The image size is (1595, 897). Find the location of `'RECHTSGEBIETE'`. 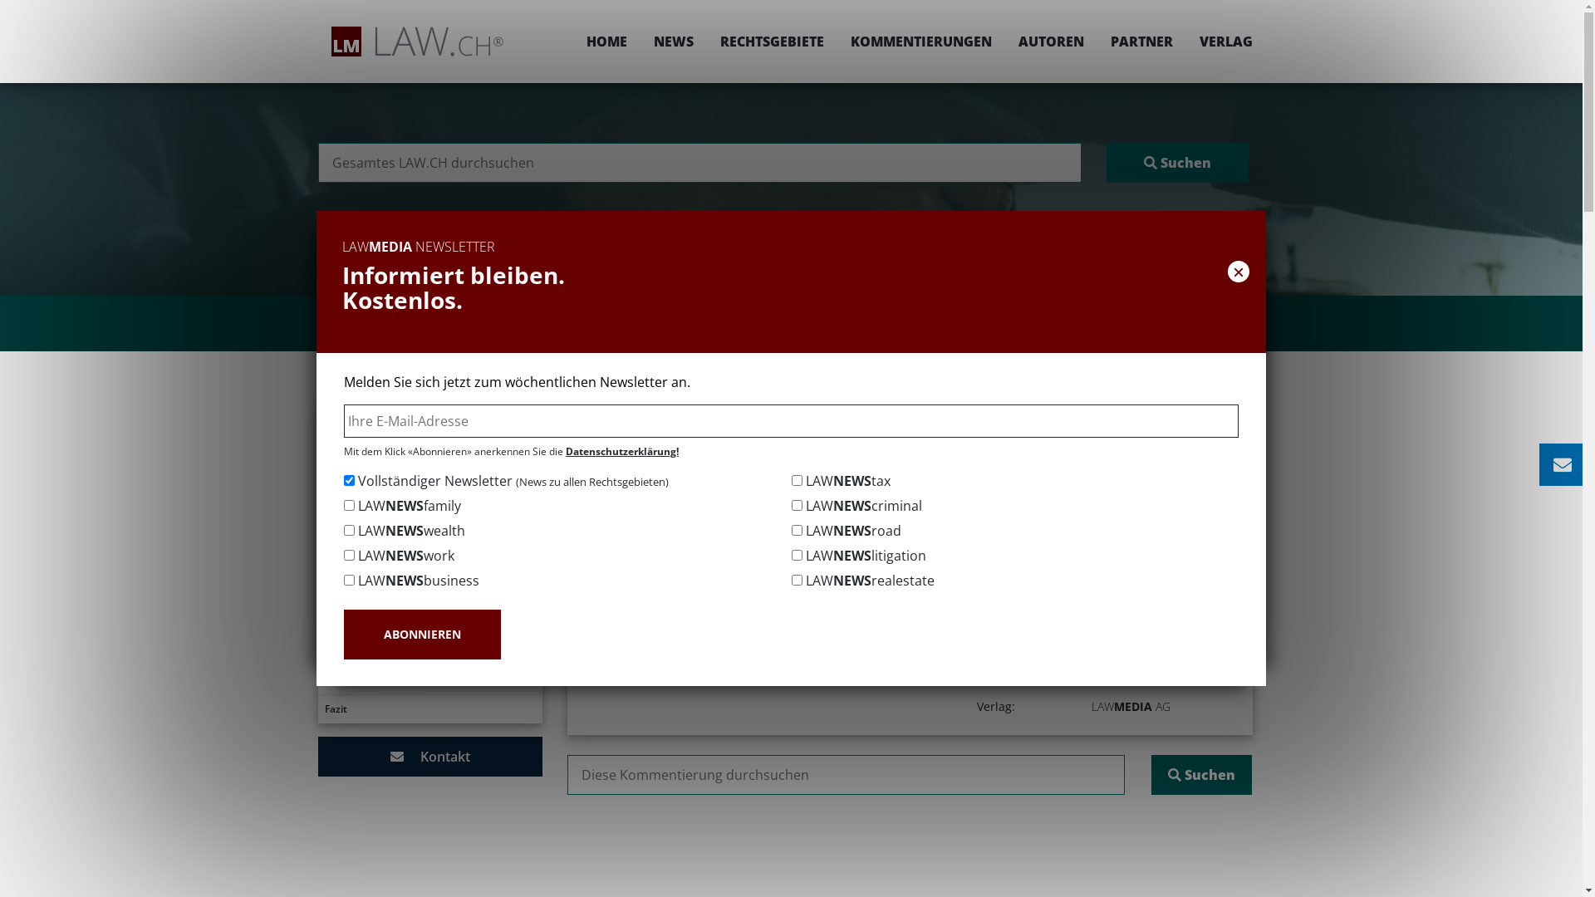

'RECHTSGEBIETE' is located at coordinates (770, 41).